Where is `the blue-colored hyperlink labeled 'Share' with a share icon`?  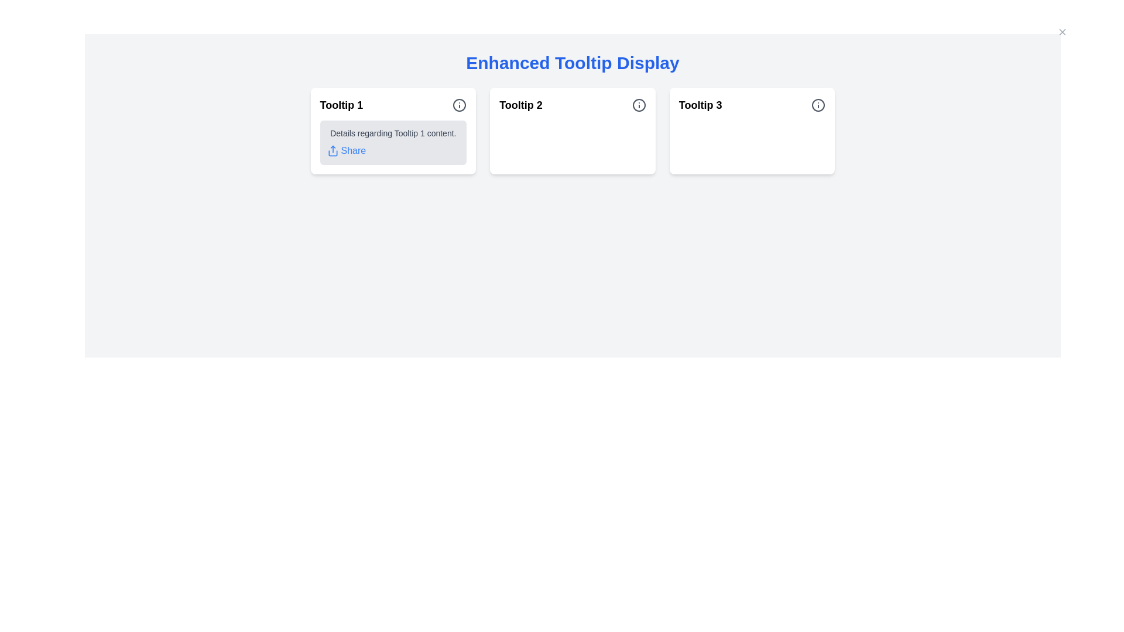 the blue-colored hyperlink labeled 'Share' with a share icon is located at coordinates (345, 150).